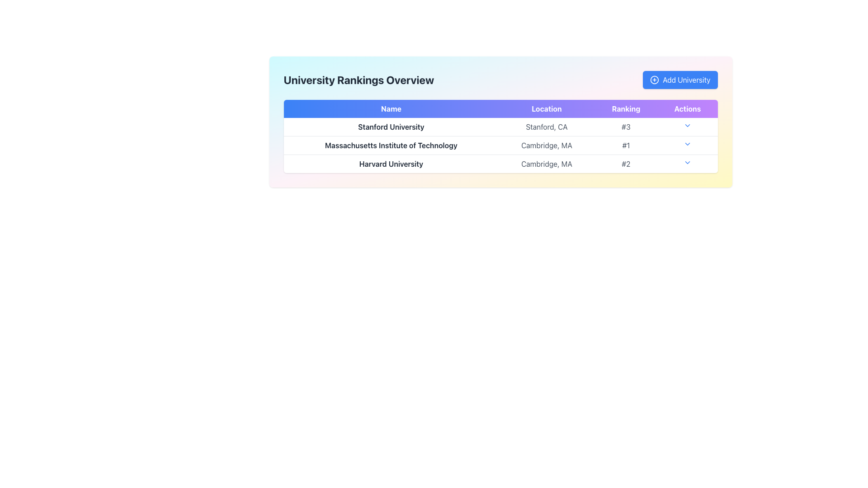 This screenshot has height=488, width=868. Describe the element at coordinates (391, 108) in the screenshot. I see `the 'Name' header text label in the table, which is the first header featuring a blue to violet gradient background and white bold text` at that location.